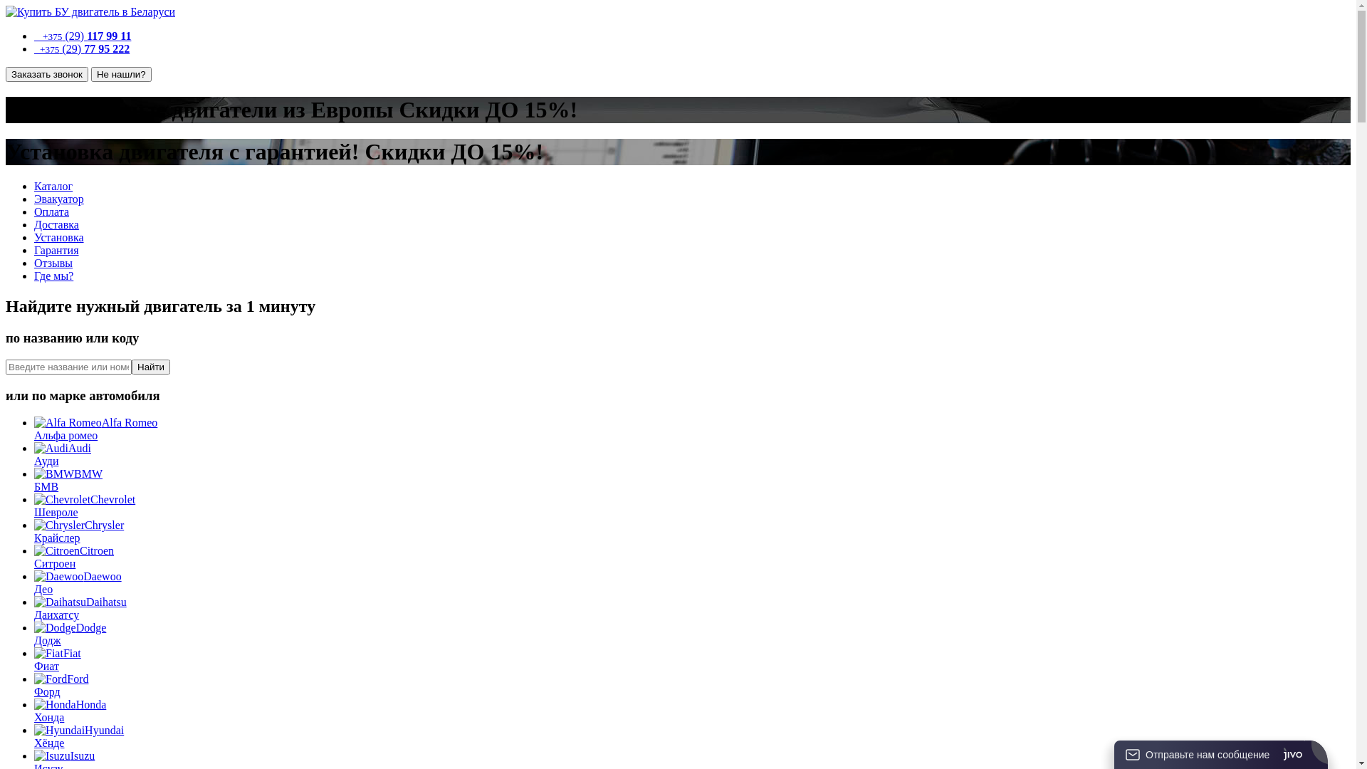 This screenshot has width=1367, height=769. What do you see at coordinates (81, 35) in the screenshot?
I see `'   +375 (29) 117 99 11'` at bounding box center [81, 35].